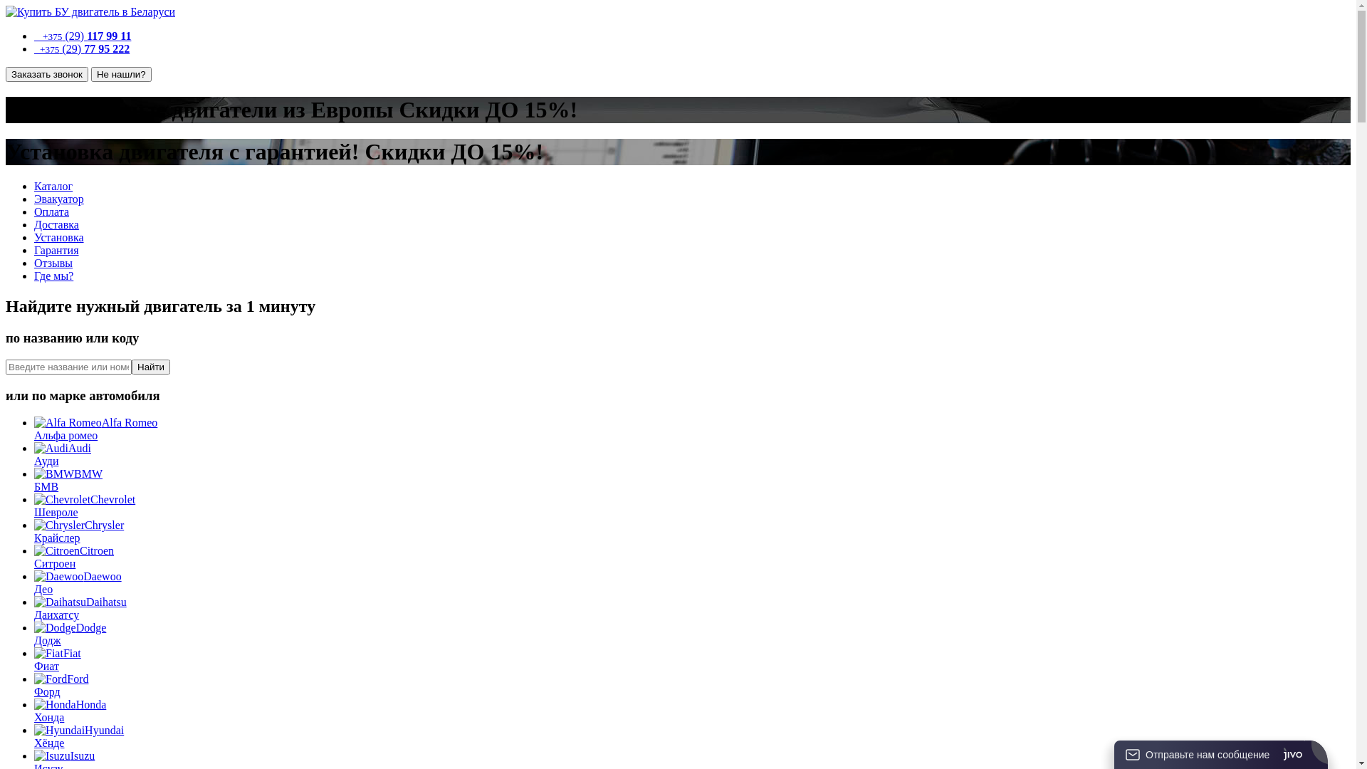 This screenshot has width=1367, height=769. What do you see at coordinates (81, 35) in the screenshot?
I see `'   +375 (29) 117 99 11'` at bounding box center [81, 35].